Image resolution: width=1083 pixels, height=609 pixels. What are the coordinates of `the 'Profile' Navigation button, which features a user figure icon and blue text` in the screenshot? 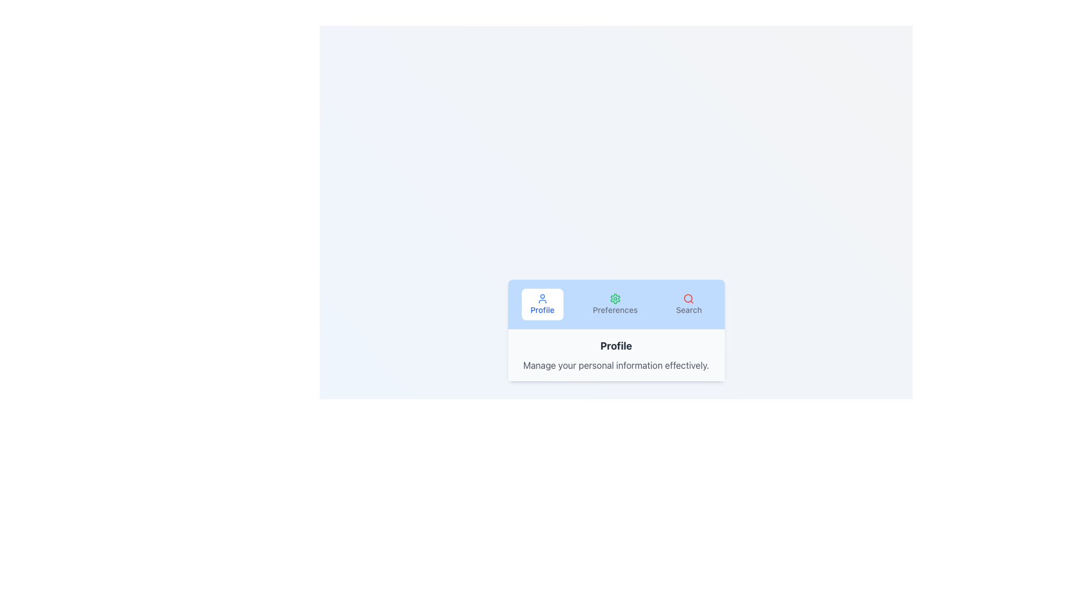 It's located at (542, 304).